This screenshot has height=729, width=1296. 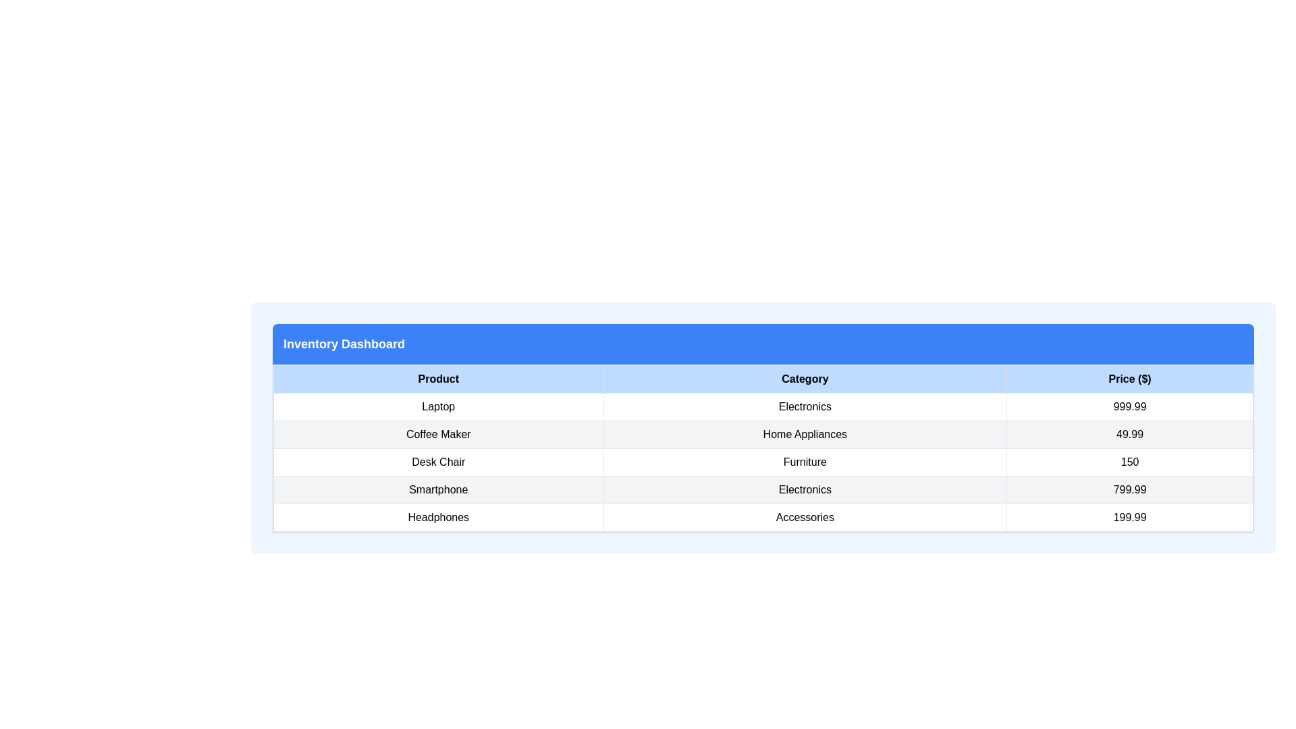 I want to click on text from the table cell containing 'Home Appliances' located in the second row under the 'Category' column, so click(x=805, y=435).